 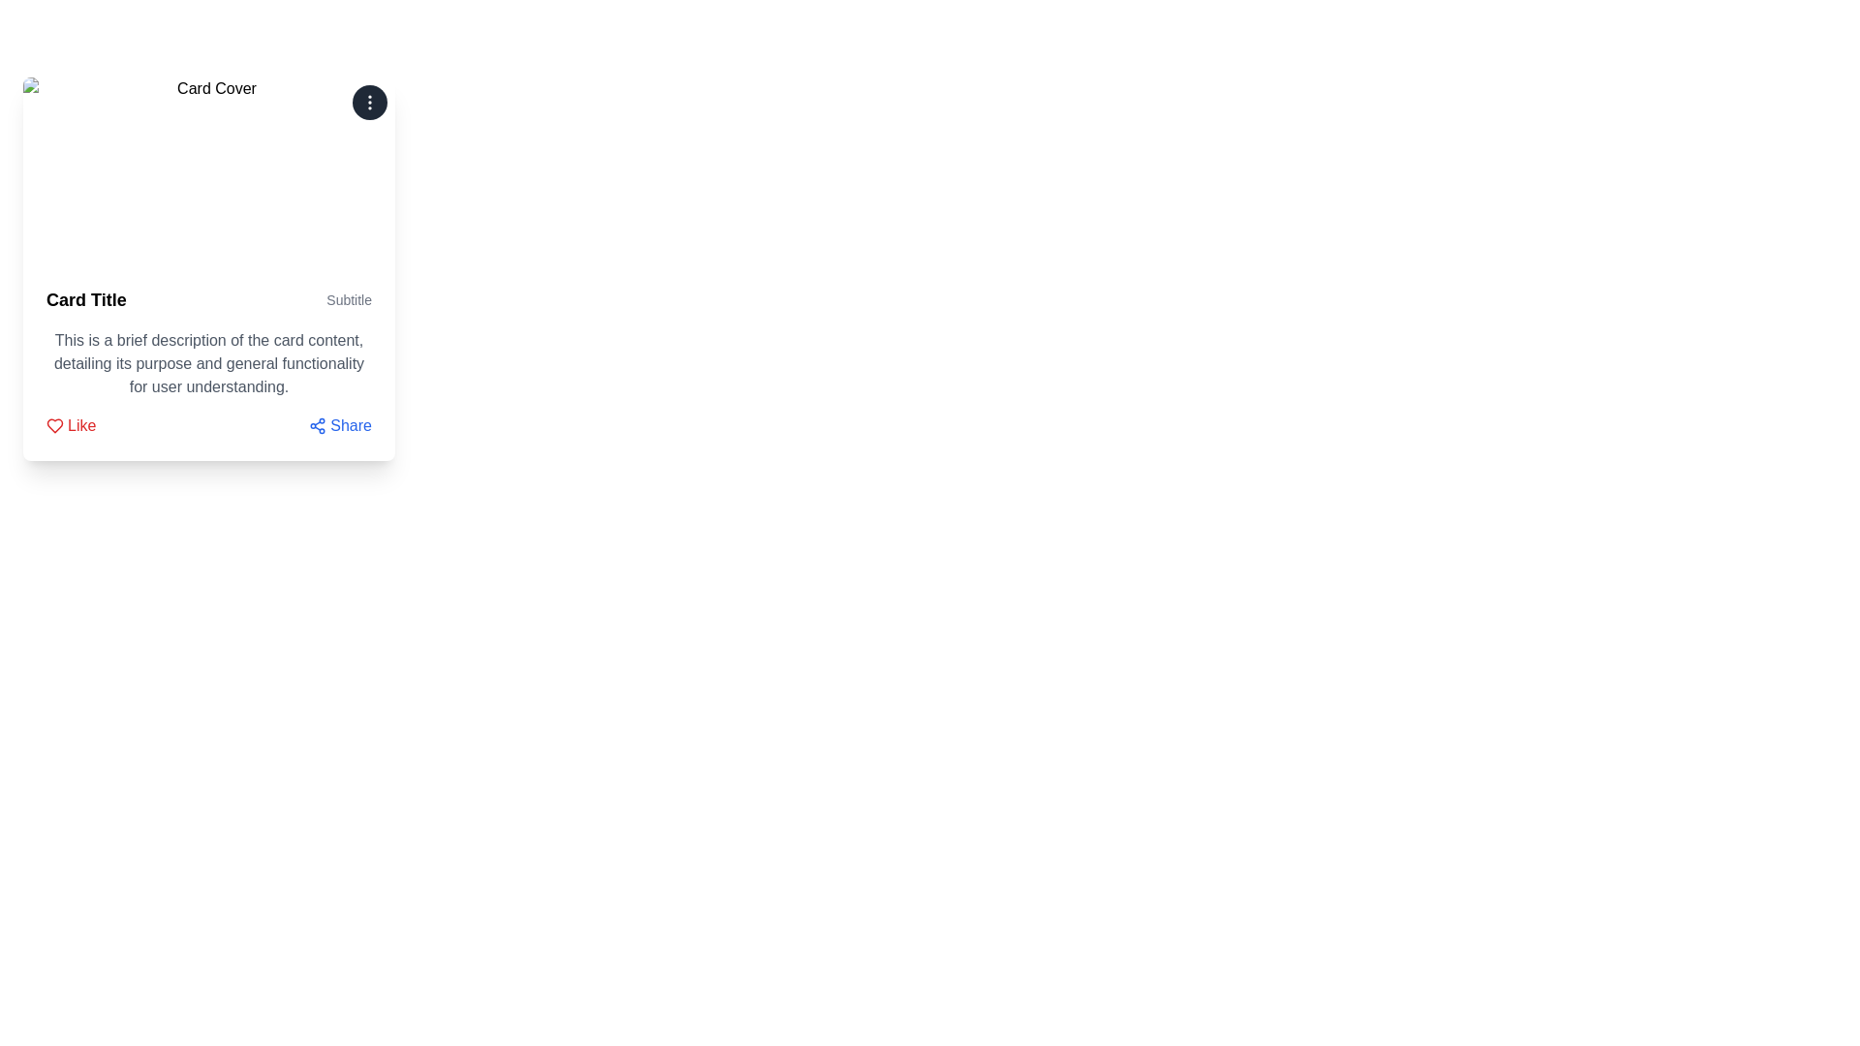 What do you see at coordinates (55, 424) in the screenshot?
I see `the heart icon located at the bottom-left corner of the card to interact with the 'Like' action` at bounding box center [55, 424].